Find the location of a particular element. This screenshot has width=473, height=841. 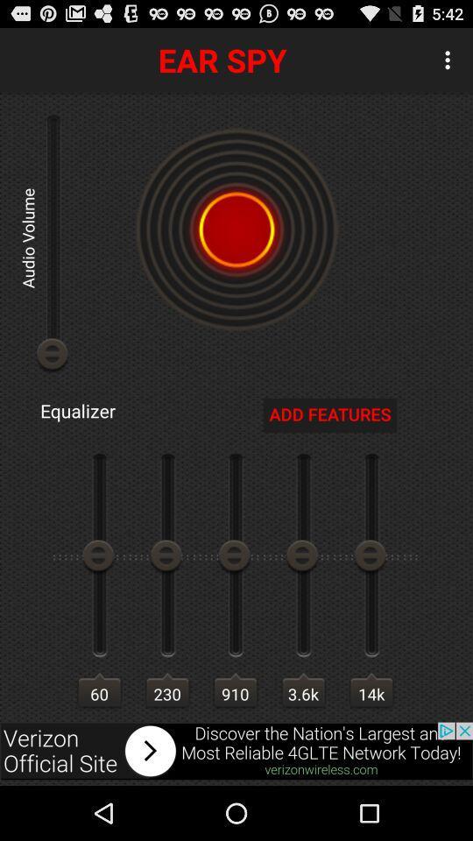

audio volume is located at coordinates (236, 229).